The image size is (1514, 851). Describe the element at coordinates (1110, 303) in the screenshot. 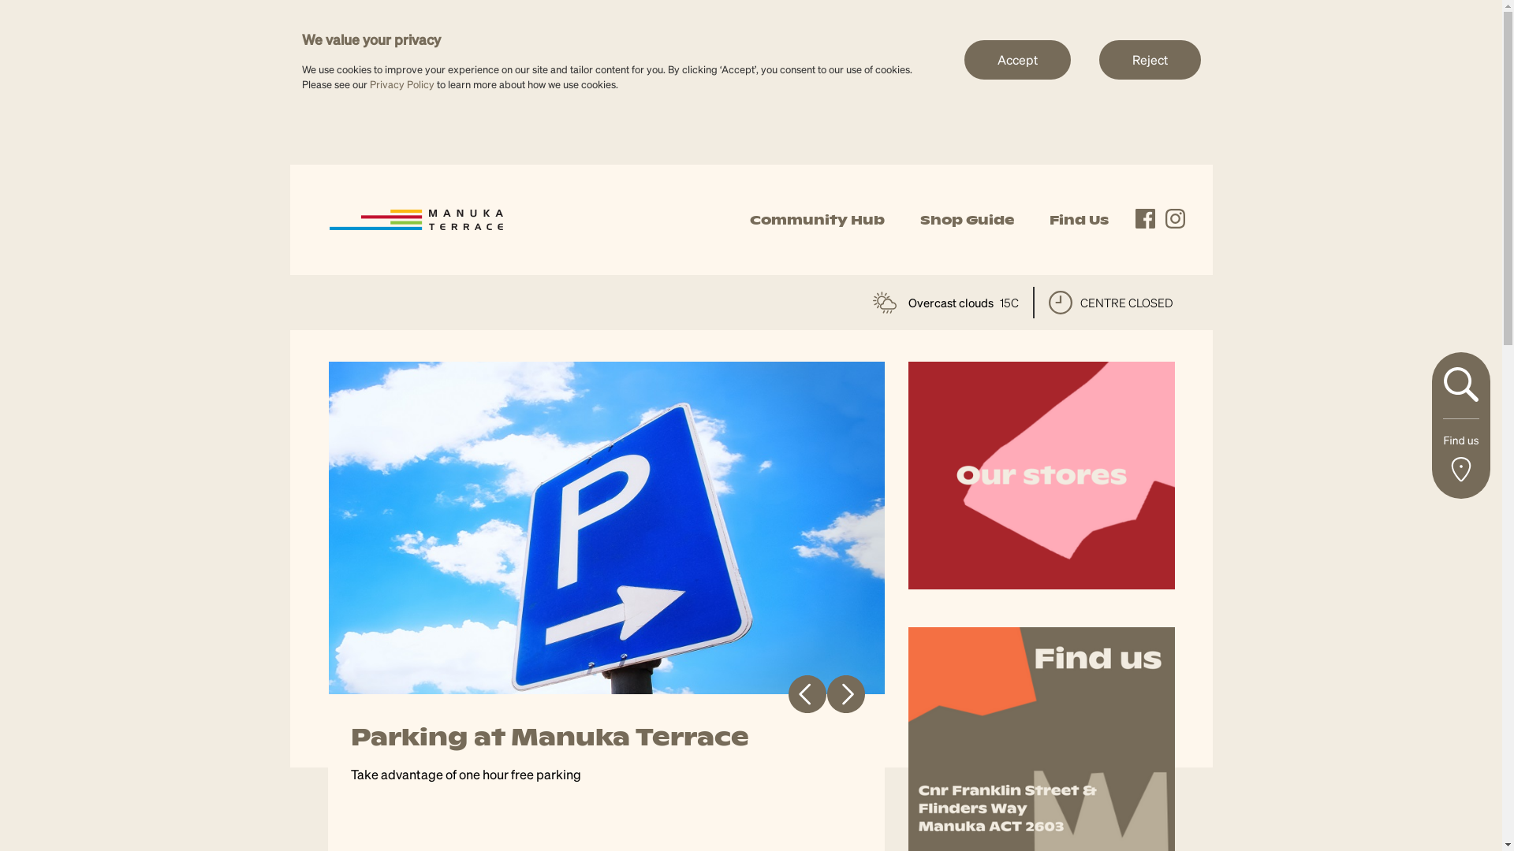

I see `'CENTRE CLOSED'` at that location.